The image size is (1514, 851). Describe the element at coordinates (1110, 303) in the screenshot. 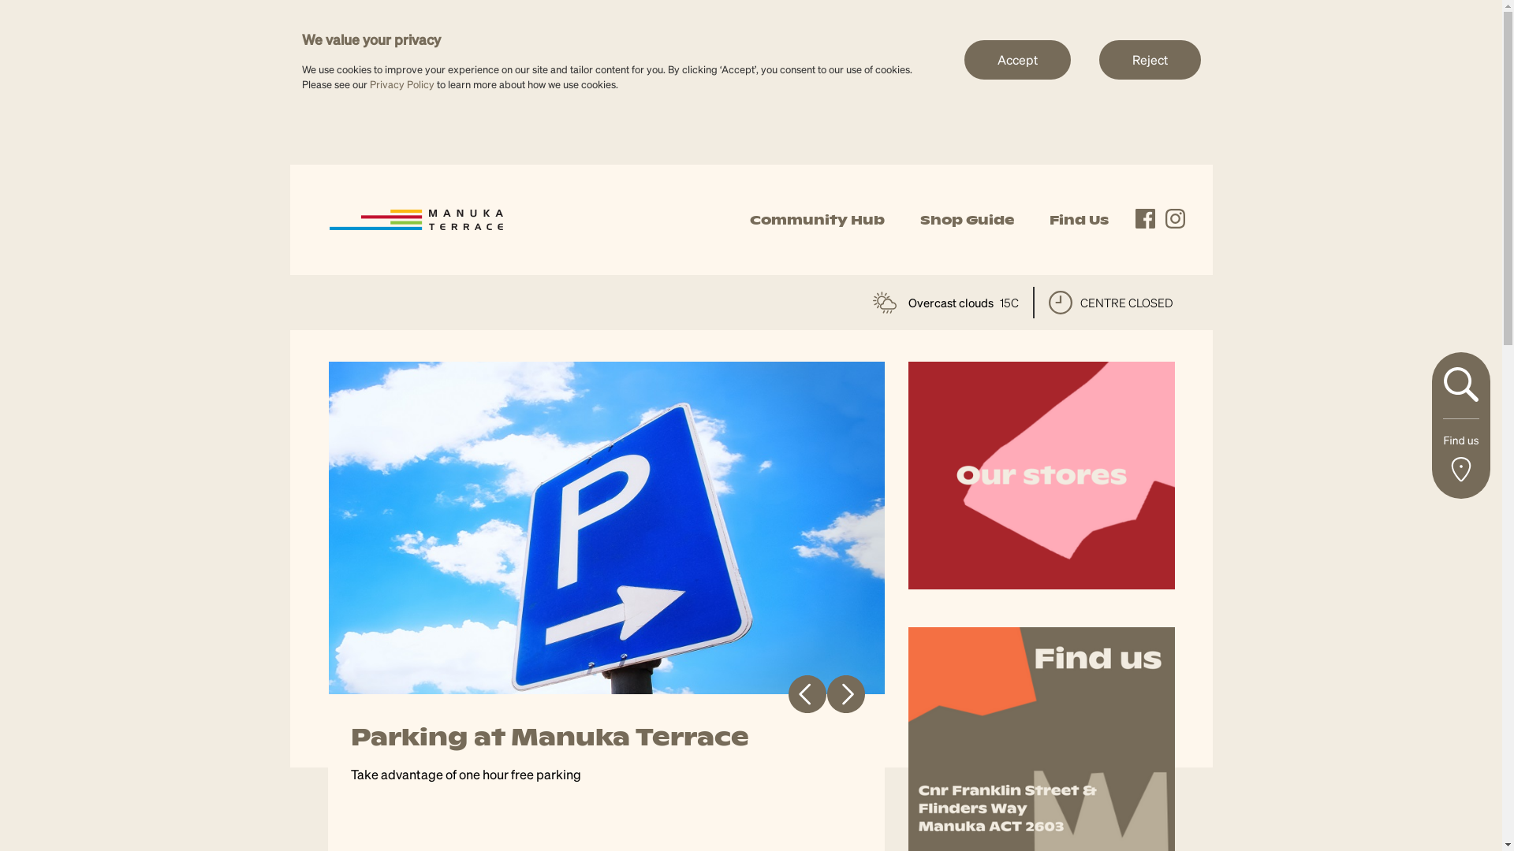

I see `'CENTRE CLOSED'` at that location.